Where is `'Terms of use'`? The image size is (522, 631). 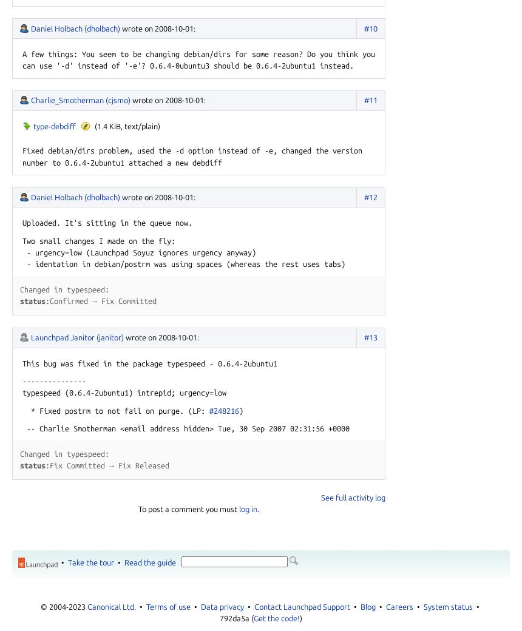 'Terms of use' is located at coordinates (168, 606).